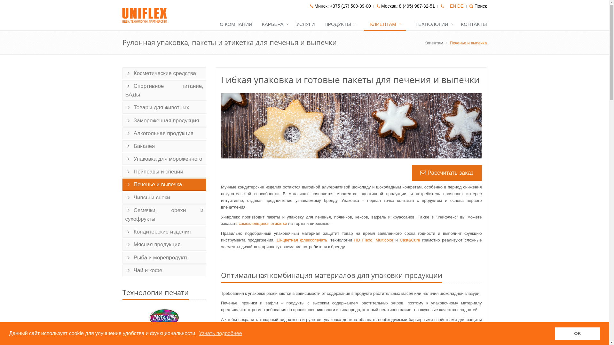 Image resolution: width=614 pixels, height=345 pixels. I want to click on '+375 (17) 500-39-00', so click(350, 6).